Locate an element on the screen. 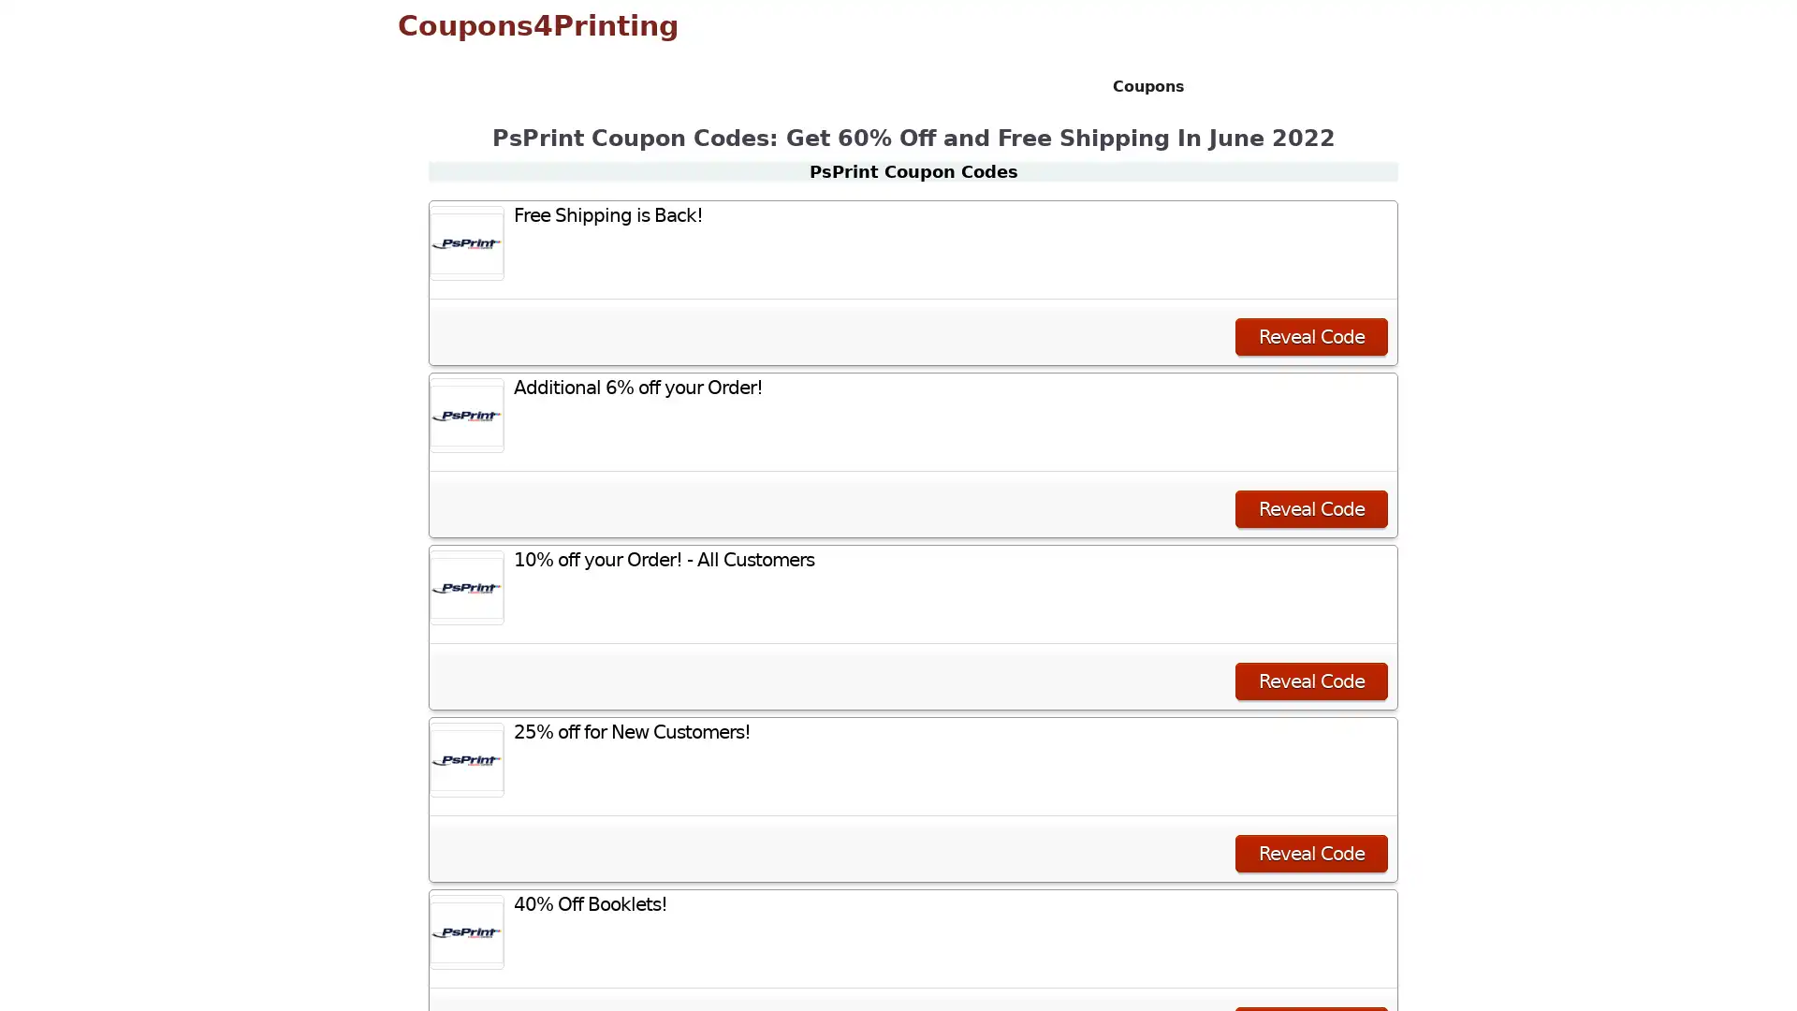  Reveal Code is located at coordinates (1310, 853).